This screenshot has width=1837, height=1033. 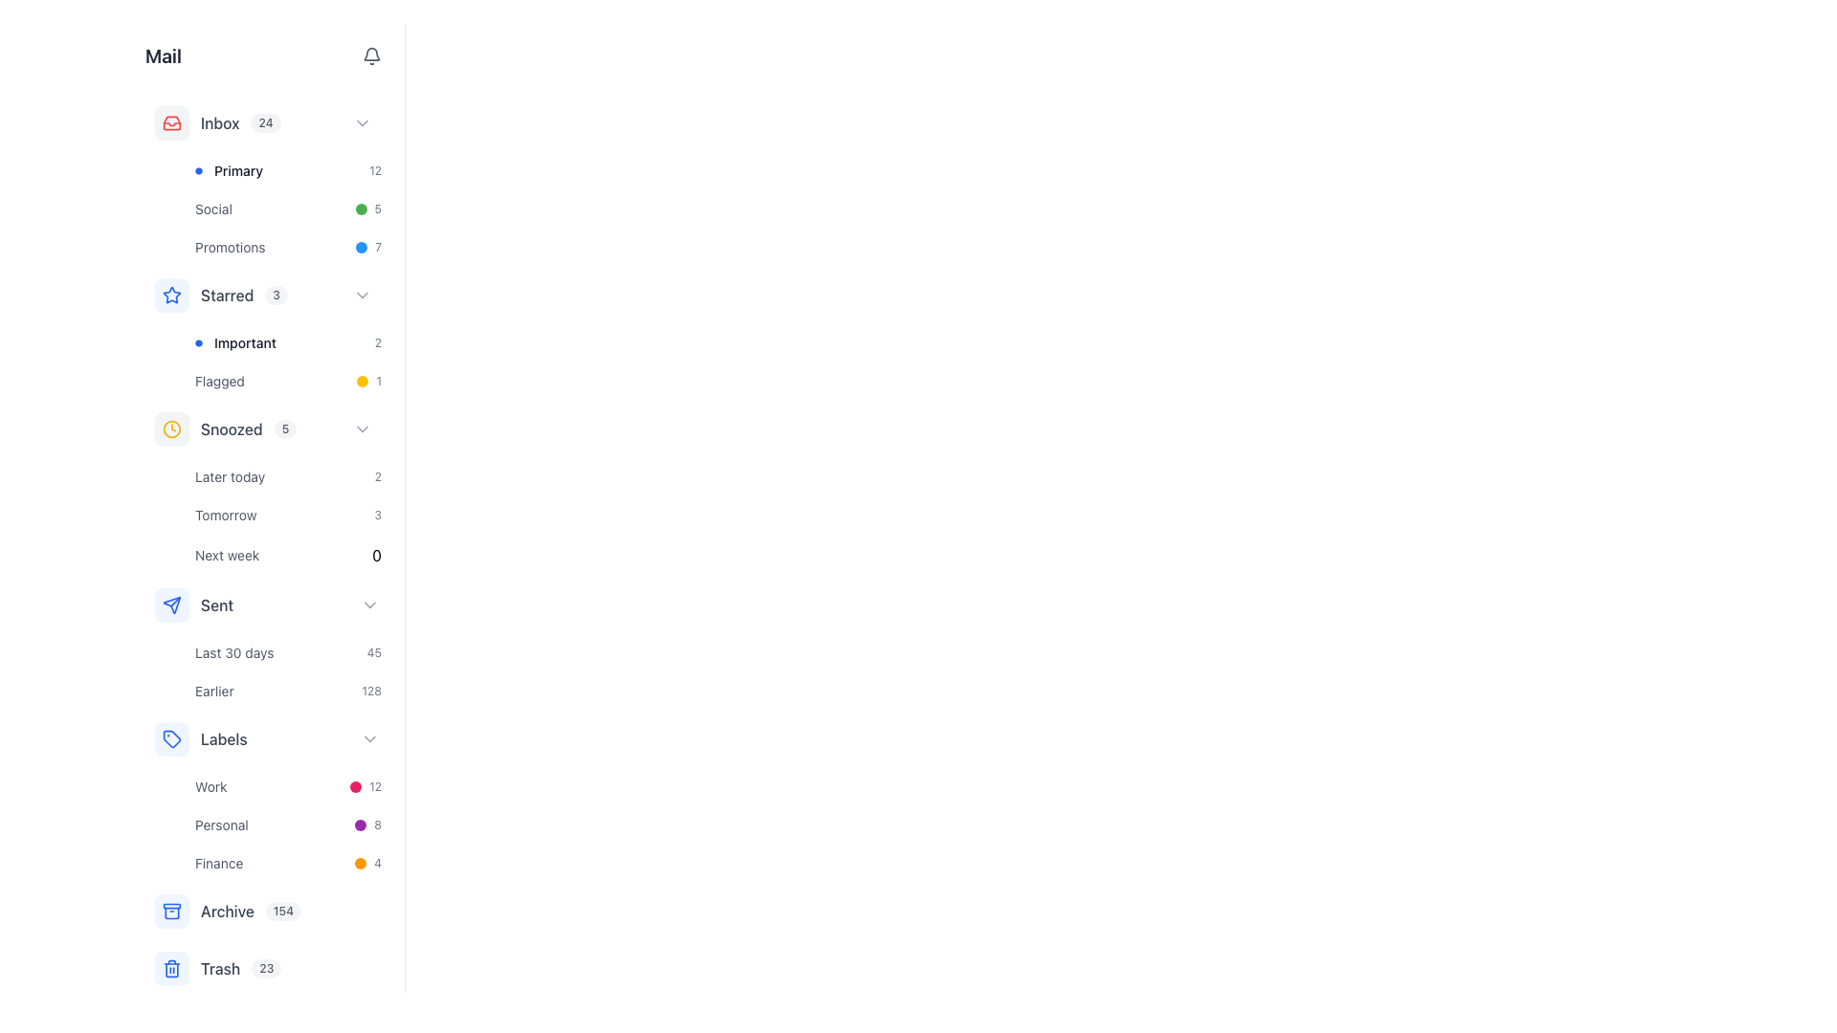 I want to click on the interactive list item labeled 'Archive' with an icon and a badge displaying '154', positioned between 'Labels' and 'Trash' in the vertical list, so click(x=228, y=910).